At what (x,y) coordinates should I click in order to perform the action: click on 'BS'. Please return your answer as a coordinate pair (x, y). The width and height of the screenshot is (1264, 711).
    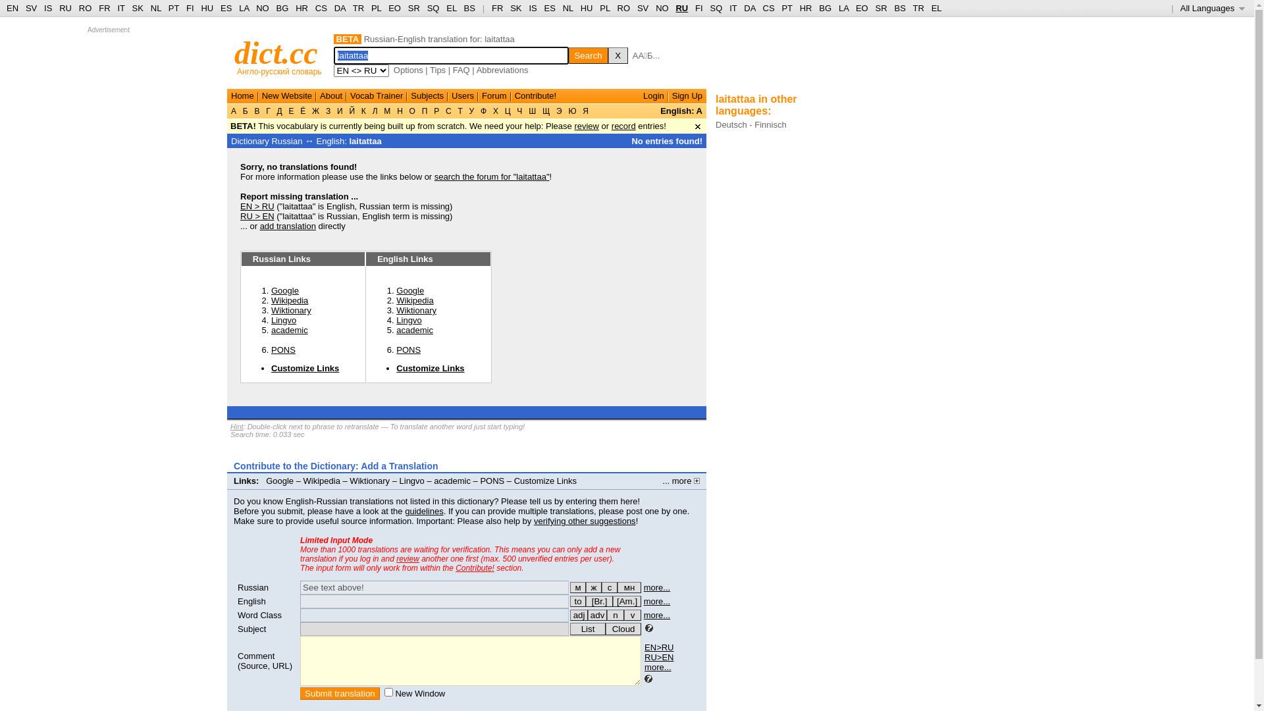
    Looking at the image, I should click on (894, 8).